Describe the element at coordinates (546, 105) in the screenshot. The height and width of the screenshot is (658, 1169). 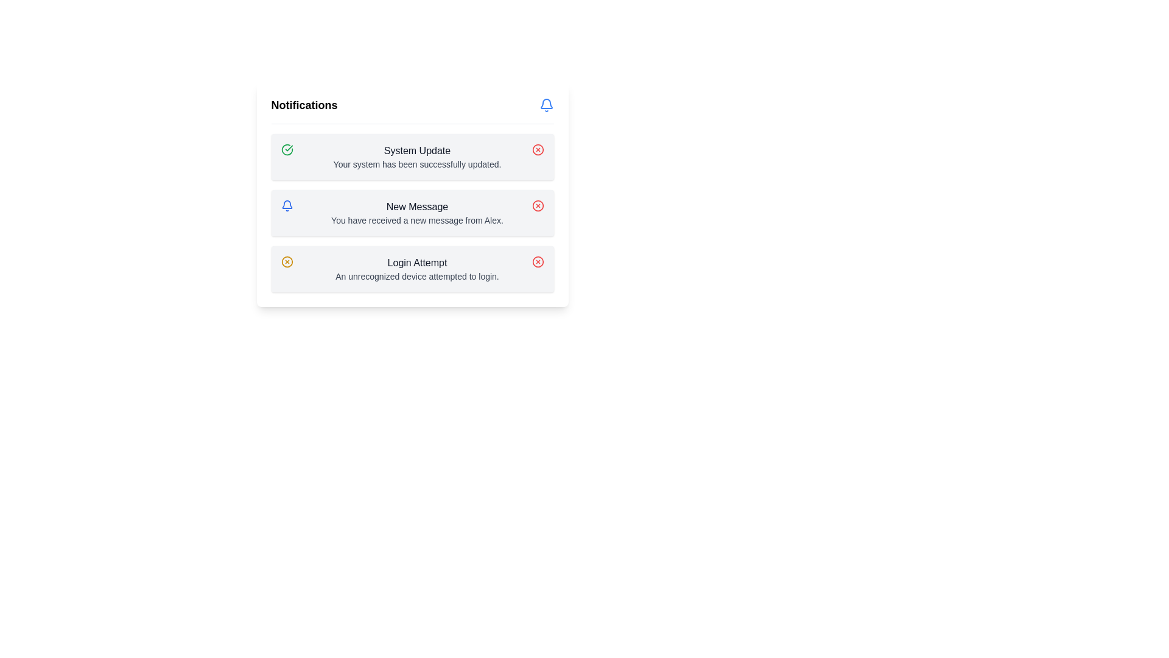
I see `the blue bell-shaped icon in the upper-right corner of the Notifications section, which is visually prominent and styled with a modern minimalist design` at that location.